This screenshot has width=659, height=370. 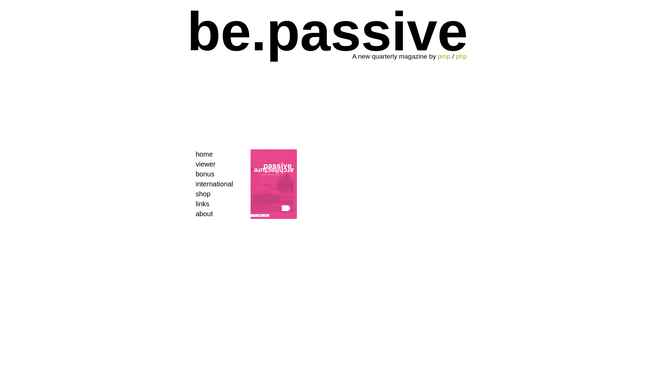 What do you see at coordinates (212, 154) in the screenshot?
I see `'home'` at bounding box center [212, 154].